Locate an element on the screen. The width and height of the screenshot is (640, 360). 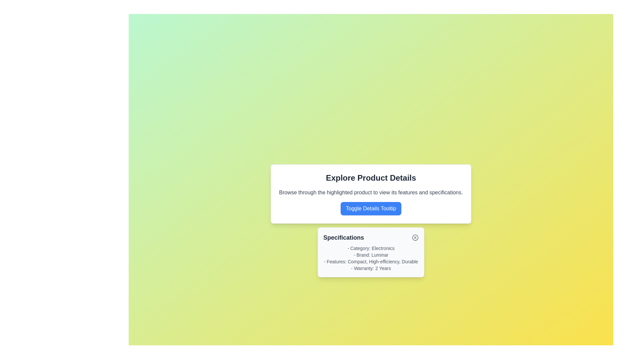
the text label displaying '- Features: Compact, High-efficiency, Durable' within the 'Specifications' box, located beneath '- Brand: Luminar' is located at coordinates (371, 261).